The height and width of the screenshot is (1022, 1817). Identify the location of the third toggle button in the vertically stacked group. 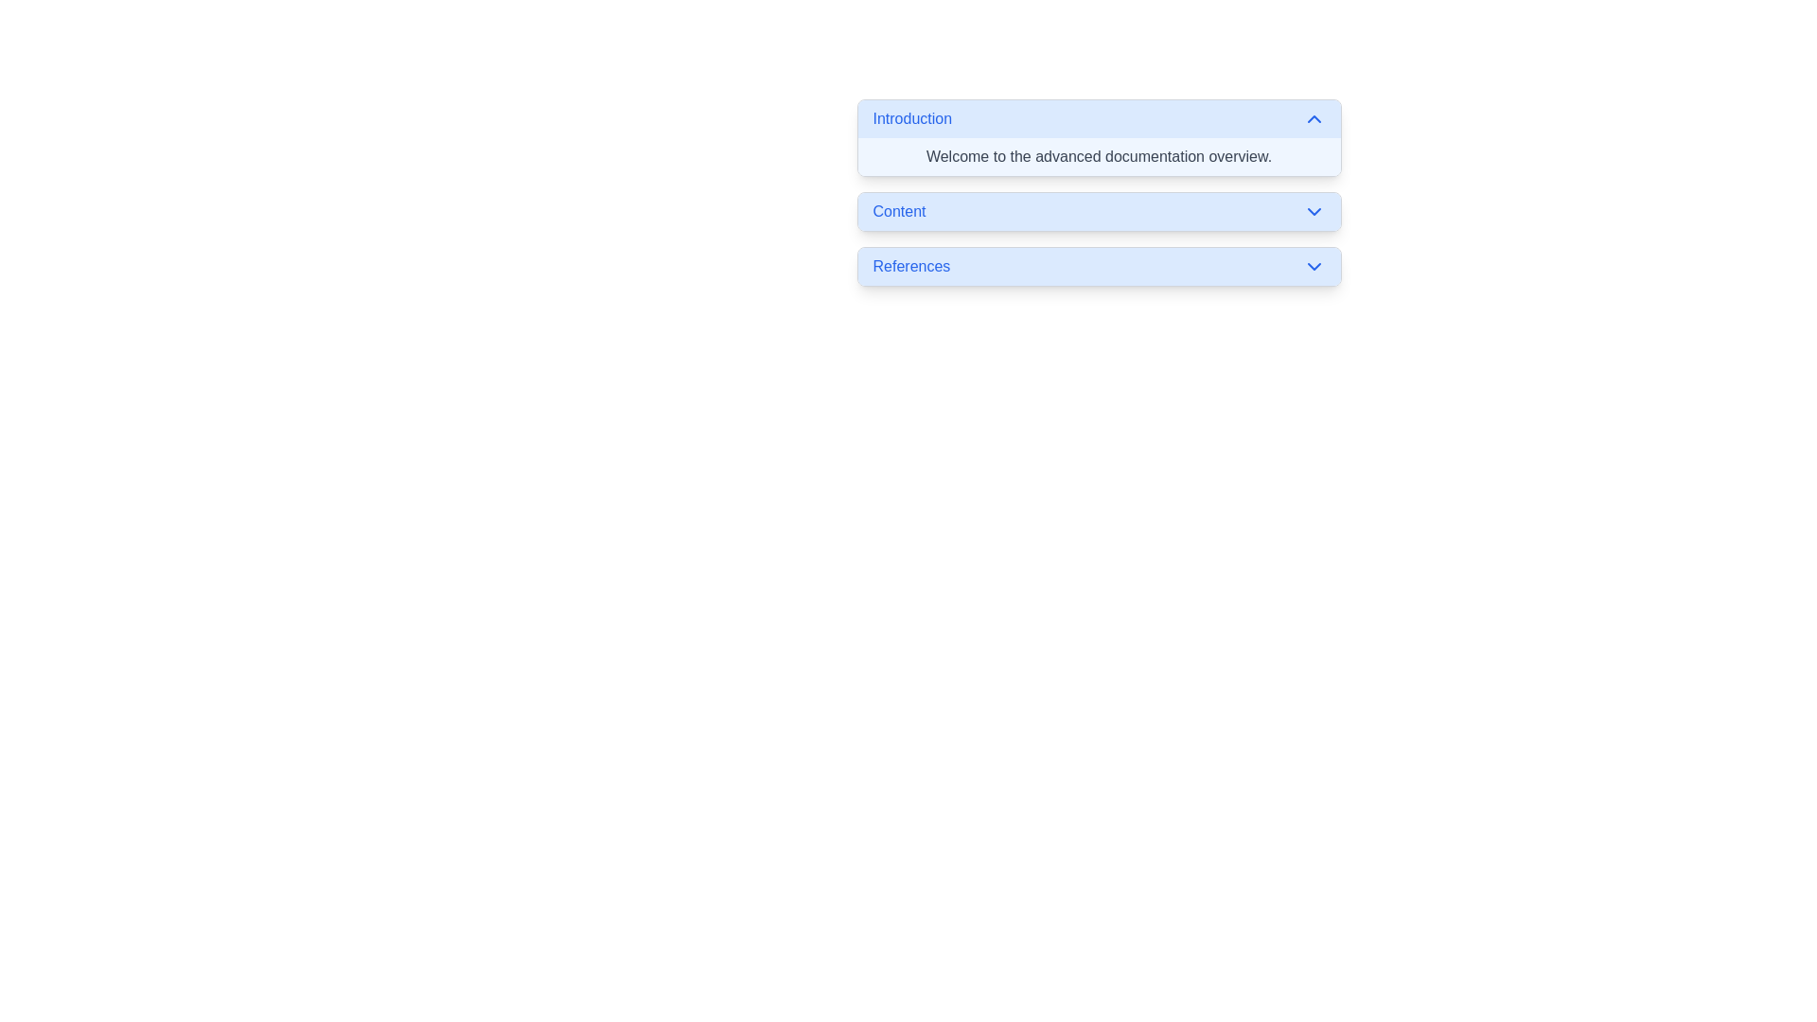
(1099, 266).